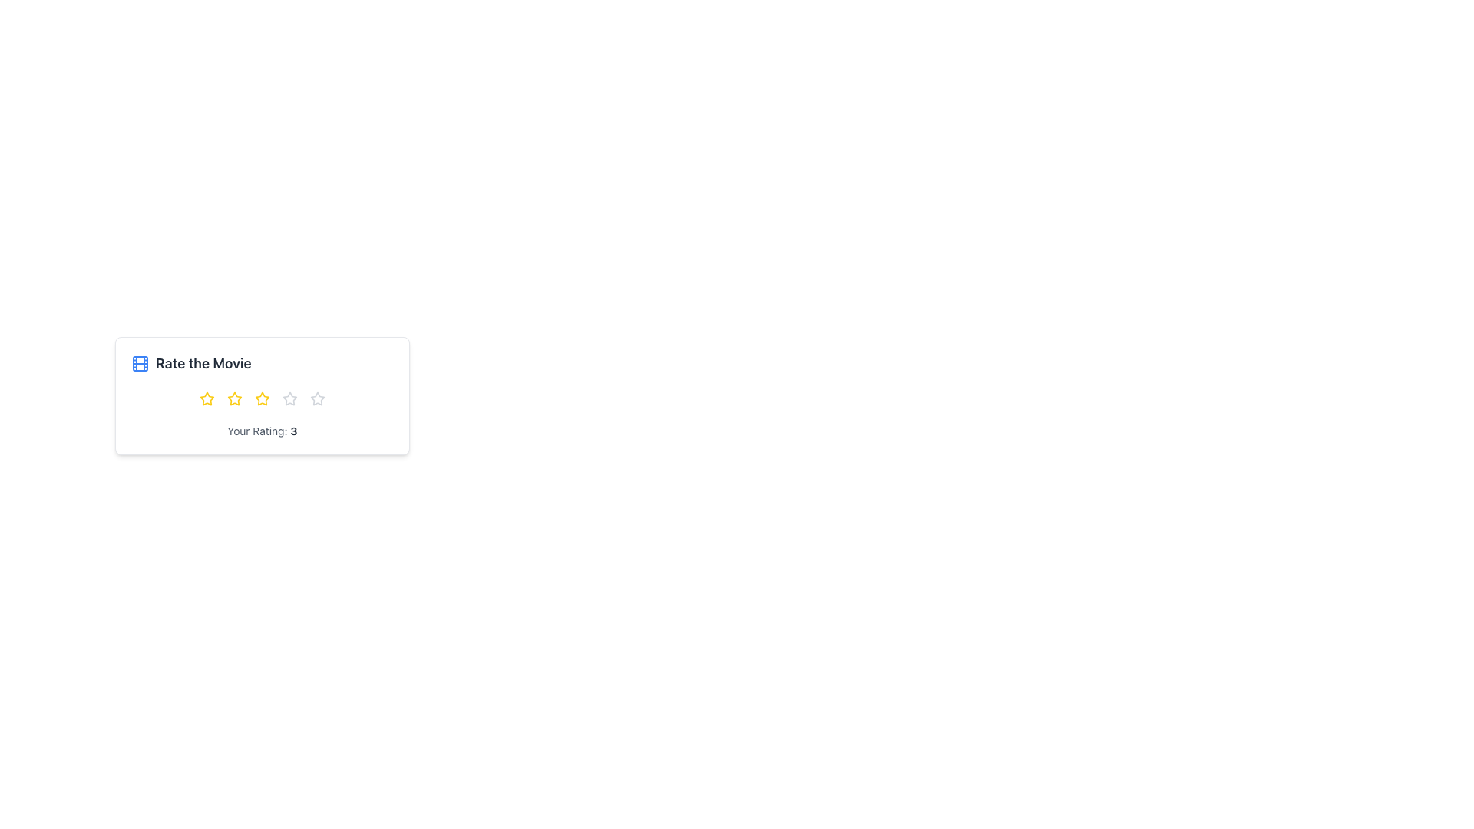  Describe the element at coordinates (262, 395) in the screenshot. I see `descriptive text of the movie rating component located in the upper-left quadrant, which contains interactive stars indicating the rating level and a numeric rating below` at that location.